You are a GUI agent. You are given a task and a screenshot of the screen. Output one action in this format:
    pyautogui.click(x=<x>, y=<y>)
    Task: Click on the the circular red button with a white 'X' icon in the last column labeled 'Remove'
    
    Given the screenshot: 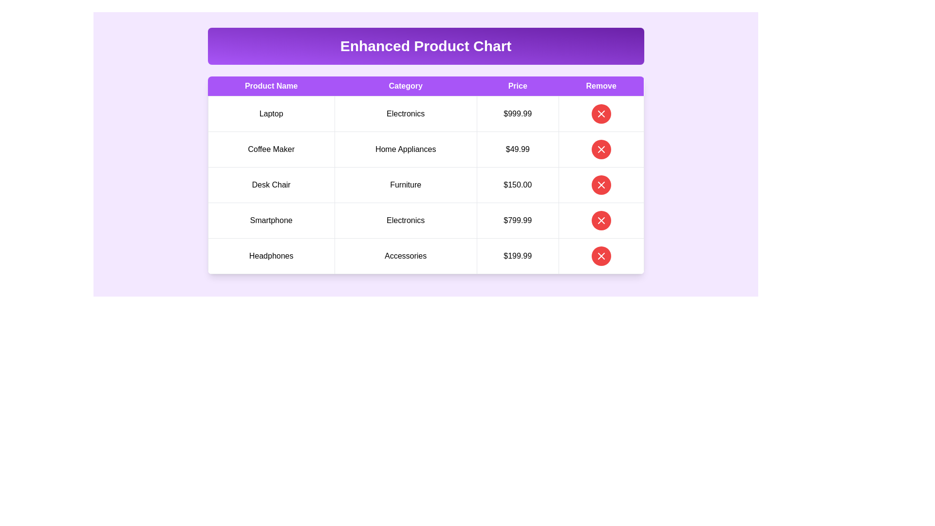 What is the action you would take?
    pyautogui.click(x=600, y=220)
    